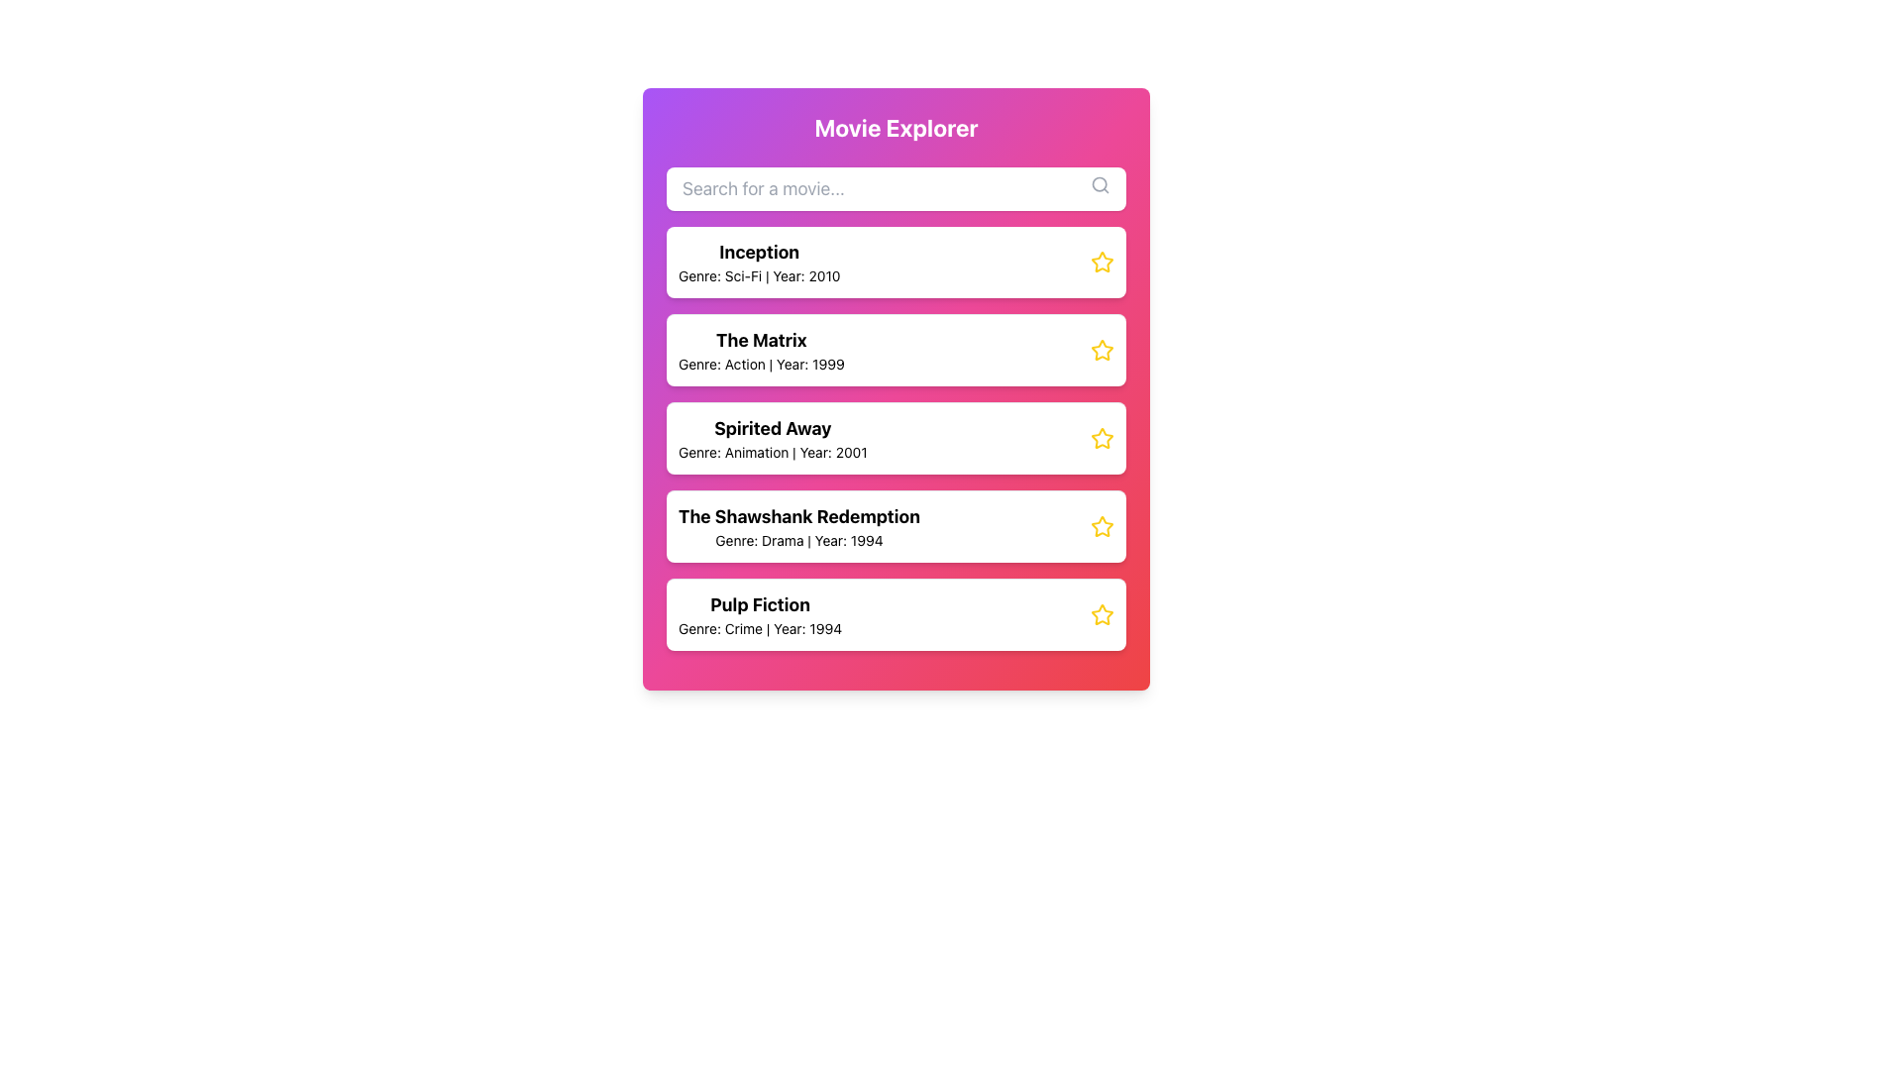 This screenshot has height=1070, width=1902. I want to click on text displayed in the textual component showing 'Genre: Sci-Fi | Year: 2010', located under the movie title 'Inception' in the 'Movie Explorer' panel, so click(758, 275).